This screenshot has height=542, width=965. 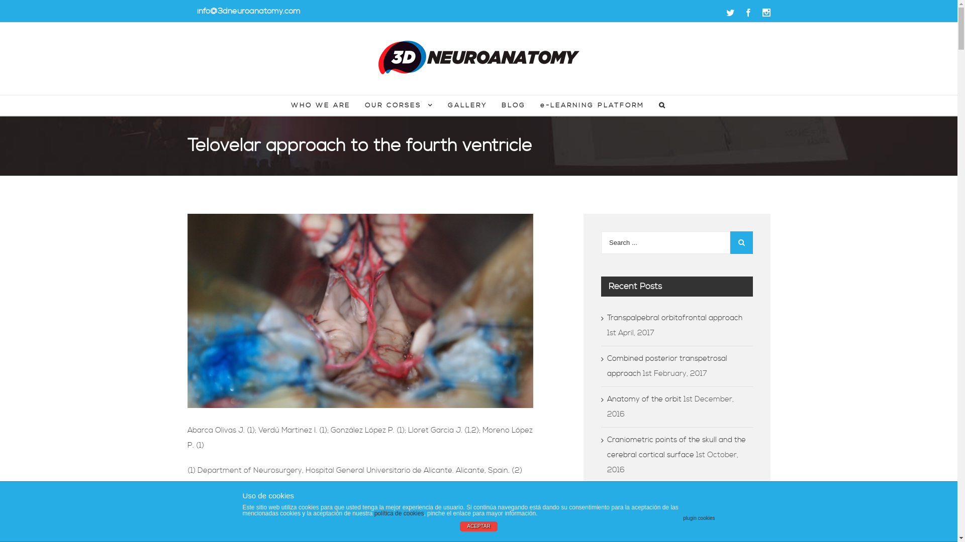 I want to click on 'GALLERY', so click(x=447, y=105).